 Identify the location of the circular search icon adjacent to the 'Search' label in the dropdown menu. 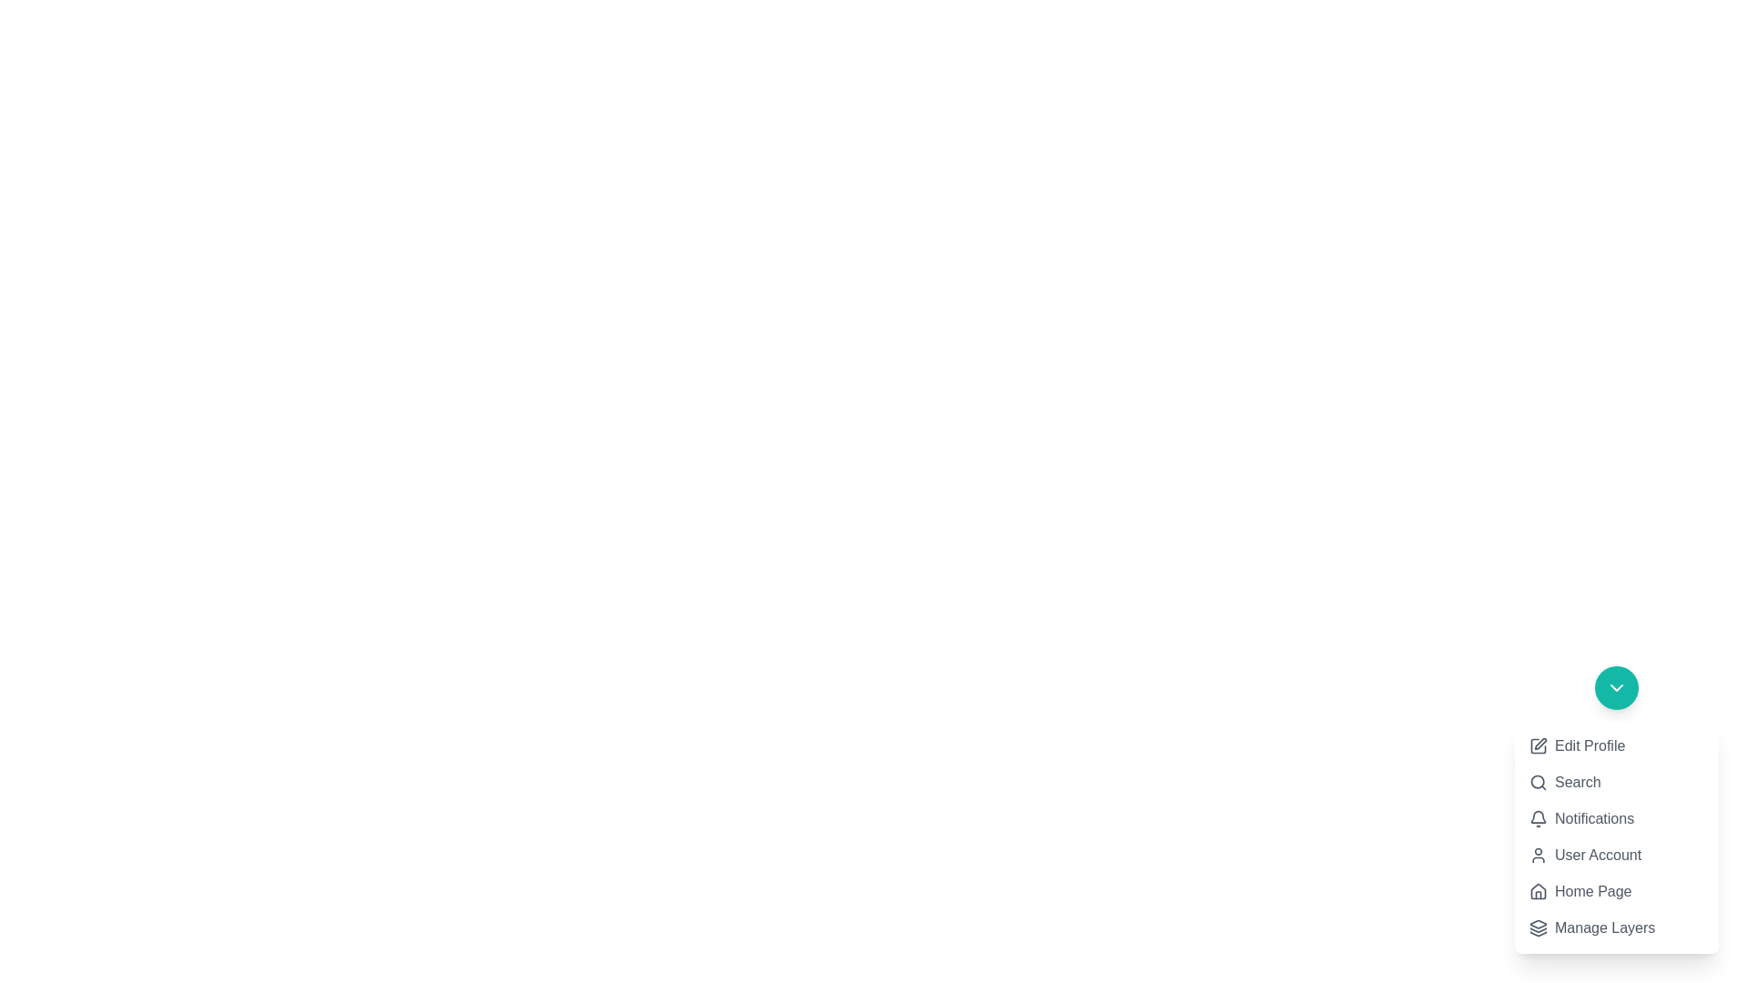
(1537, 782).